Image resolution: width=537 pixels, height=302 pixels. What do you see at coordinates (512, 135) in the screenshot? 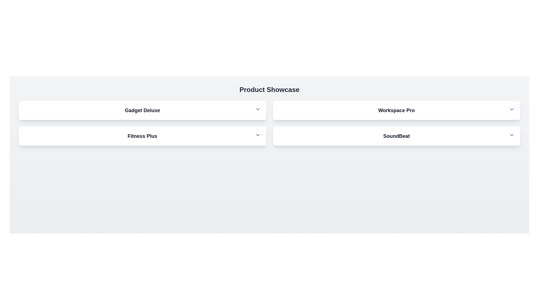
I see `the button in the top-right corner of the 'SoundBeat' card` at bounding box center [512, 135].